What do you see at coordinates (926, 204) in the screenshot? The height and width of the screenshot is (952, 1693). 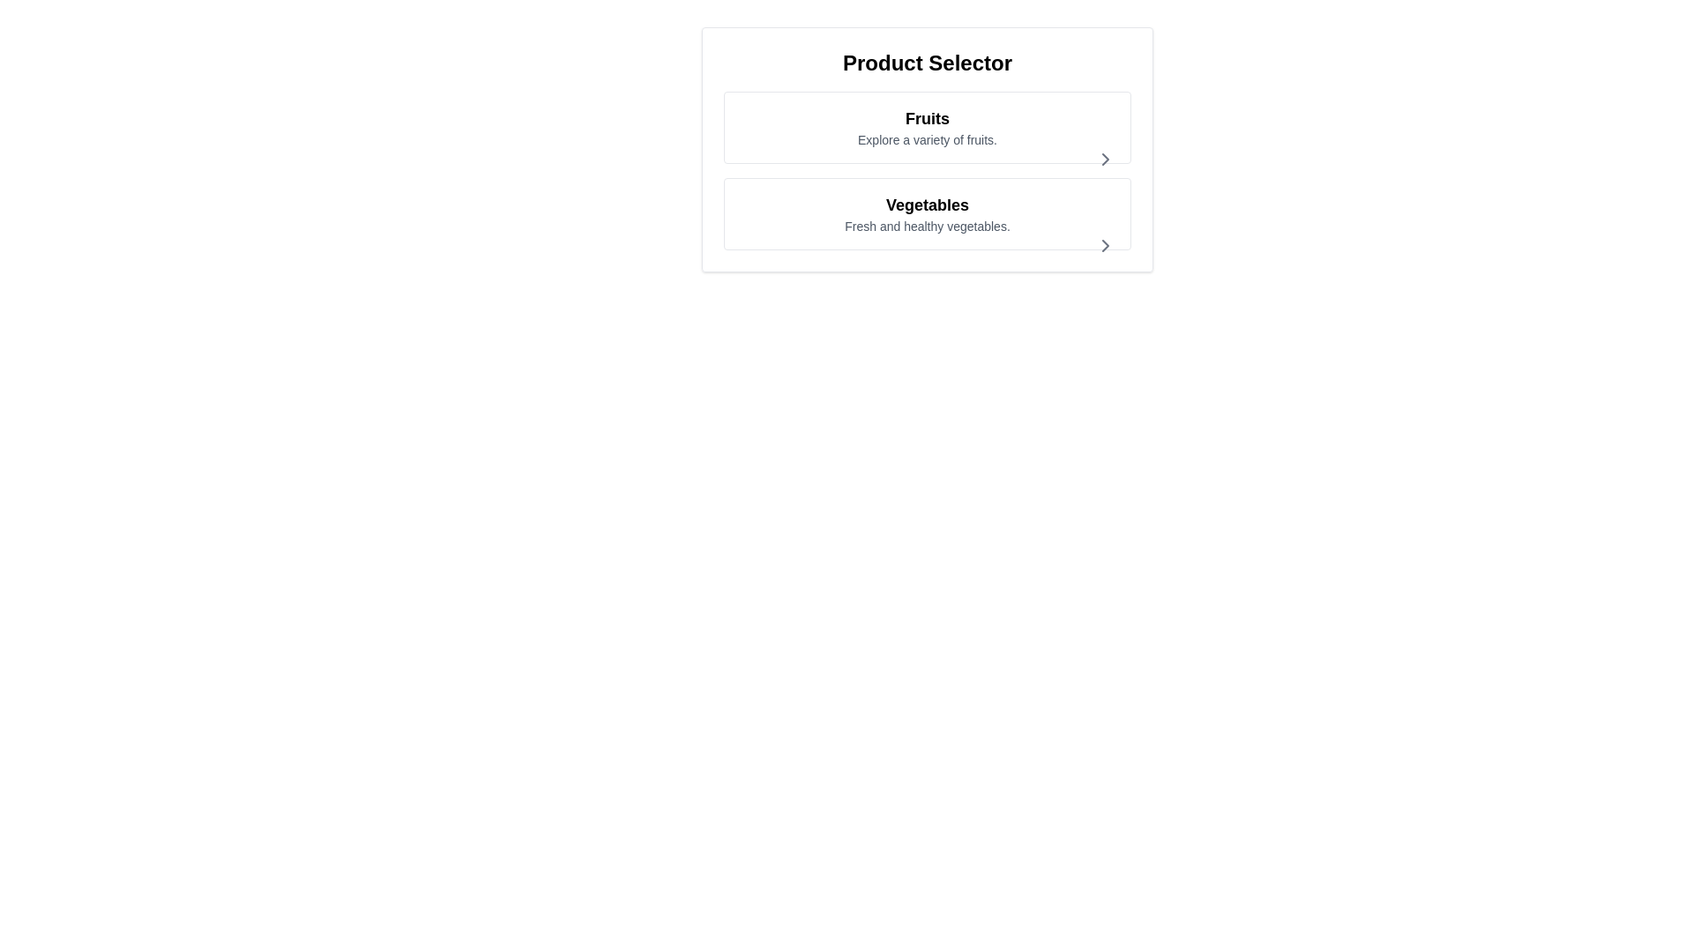 I see `the 'Vegetables' label in the product selector interface, which indicates the title of the category` at bounding box center [926, 204].